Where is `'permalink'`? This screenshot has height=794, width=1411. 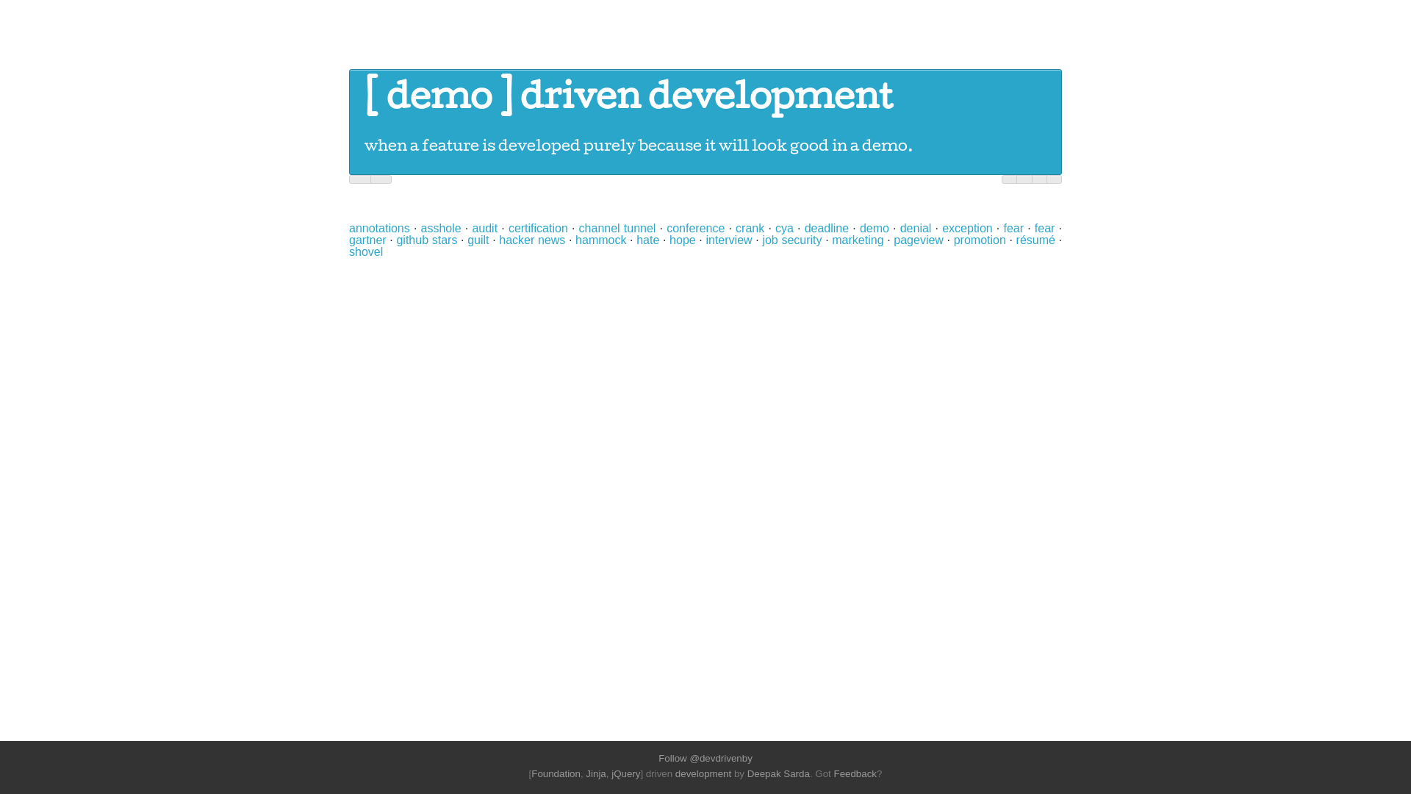
'permalink' is located at coordinates (1038, 178).